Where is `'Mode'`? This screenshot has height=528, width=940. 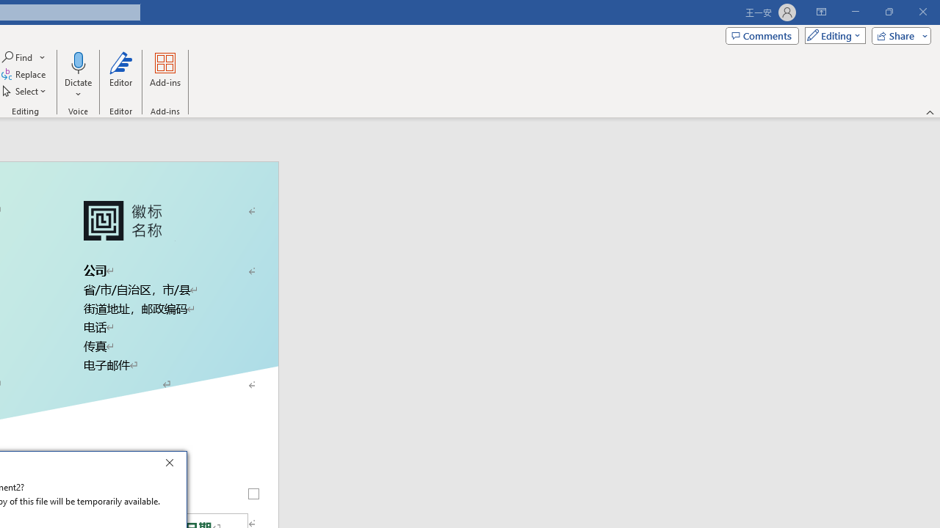 'Mode' is located at coordinates (832, 34).